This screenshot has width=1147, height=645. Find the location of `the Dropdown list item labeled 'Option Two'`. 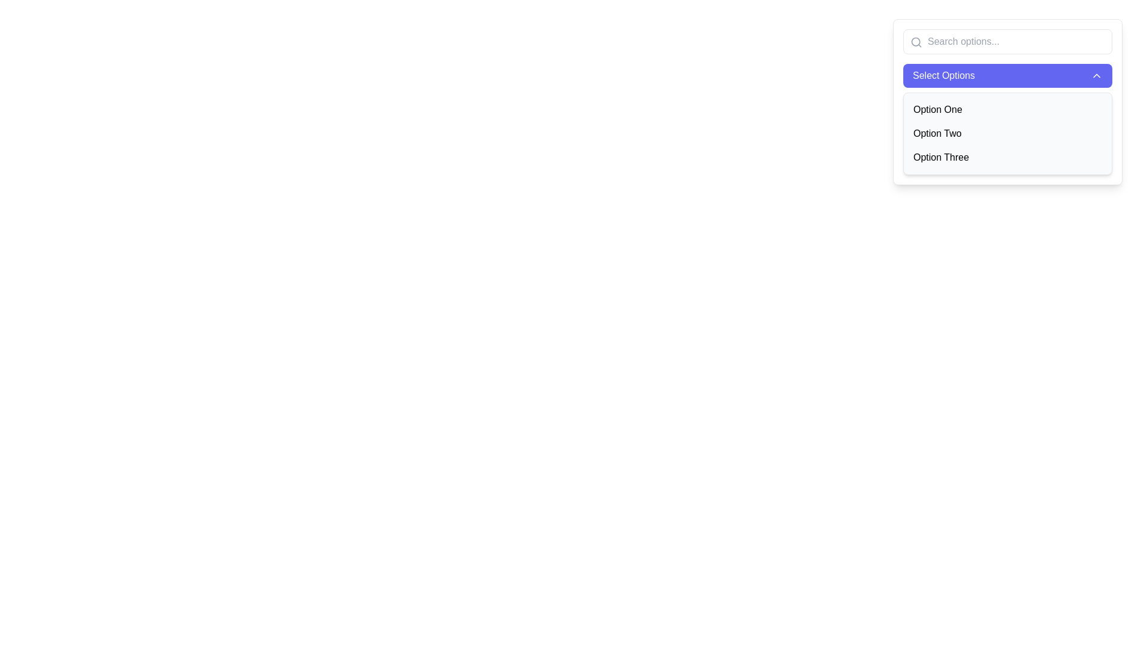

the Dropdown list item labeled 'Option Two' is located at coordinates (1007, 133).